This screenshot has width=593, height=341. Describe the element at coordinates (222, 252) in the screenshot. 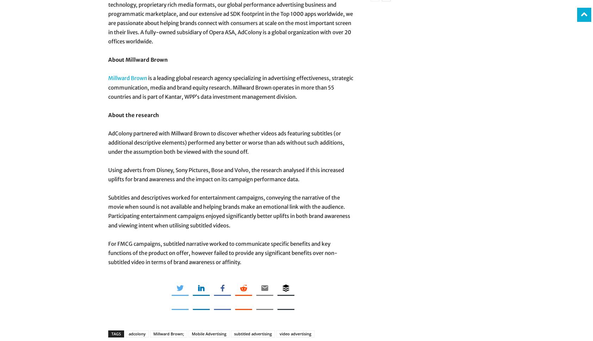

I see `'For FMCG campaigns, subtitled narrative worked to communicate specific benefits and key functions of the product on offer, however failed to provide any significant benefits over non-subtitled video in terms of brand awareness or affinity.'` at that location.